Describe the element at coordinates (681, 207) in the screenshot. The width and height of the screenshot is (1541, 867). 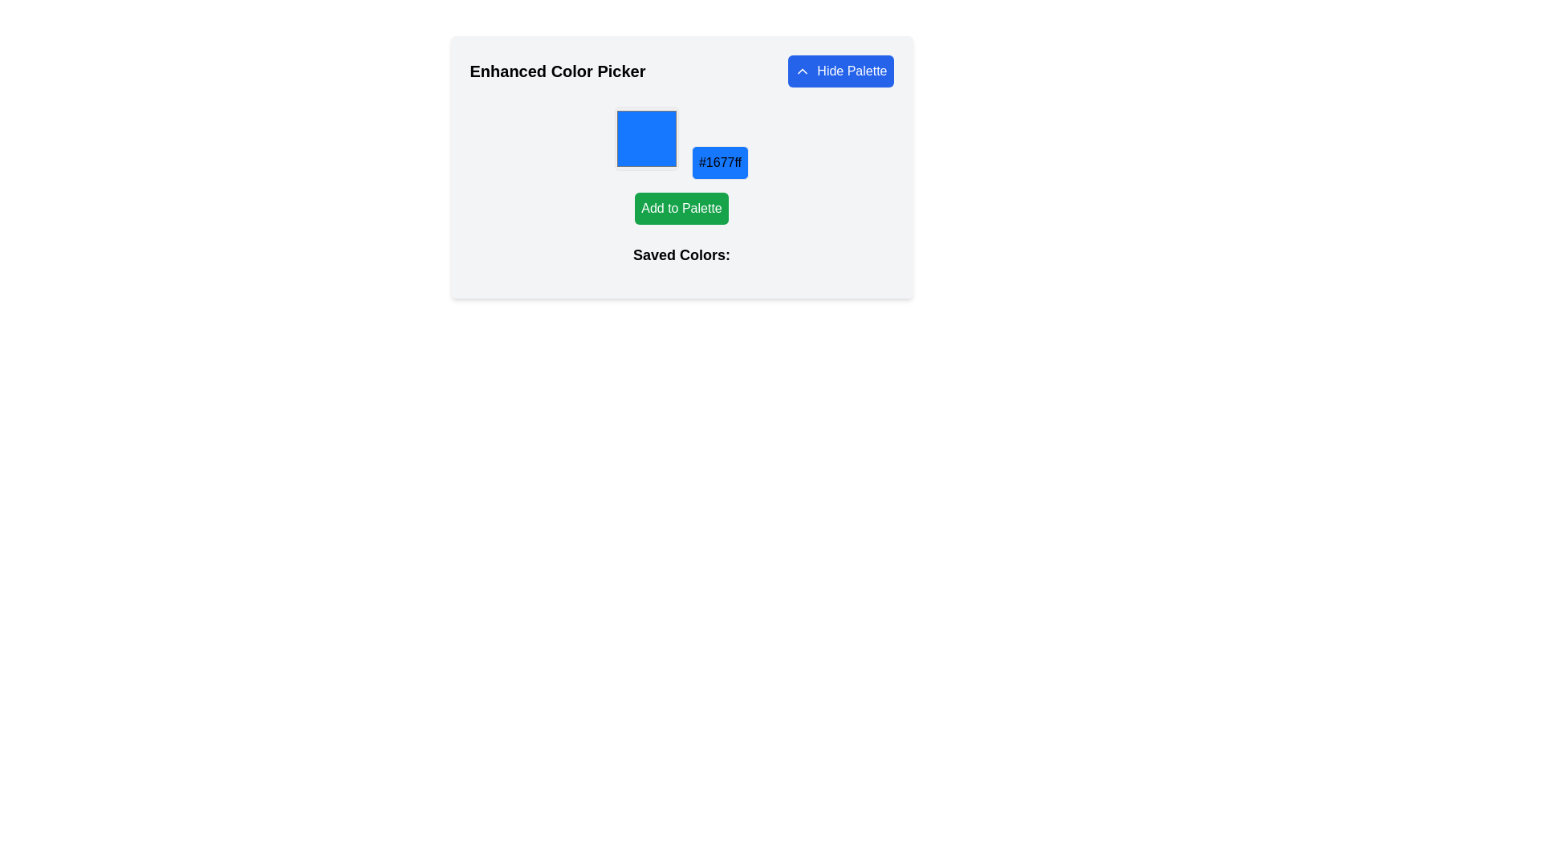
I see `the add-to-palette button located below the text '#1677ff' in the Enhanced Color Picker panel` at that location.